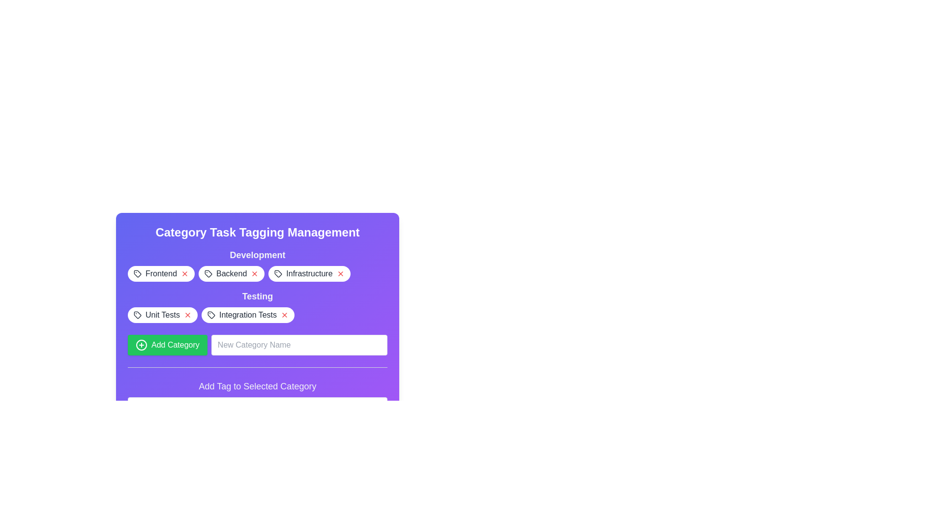 This screenshot has width=944, height=531. I want to click on the bold heading text label that categorizes items under 'Testing', situated above 'Unit Tests' and 'Integration Tests', so click(257, 295).